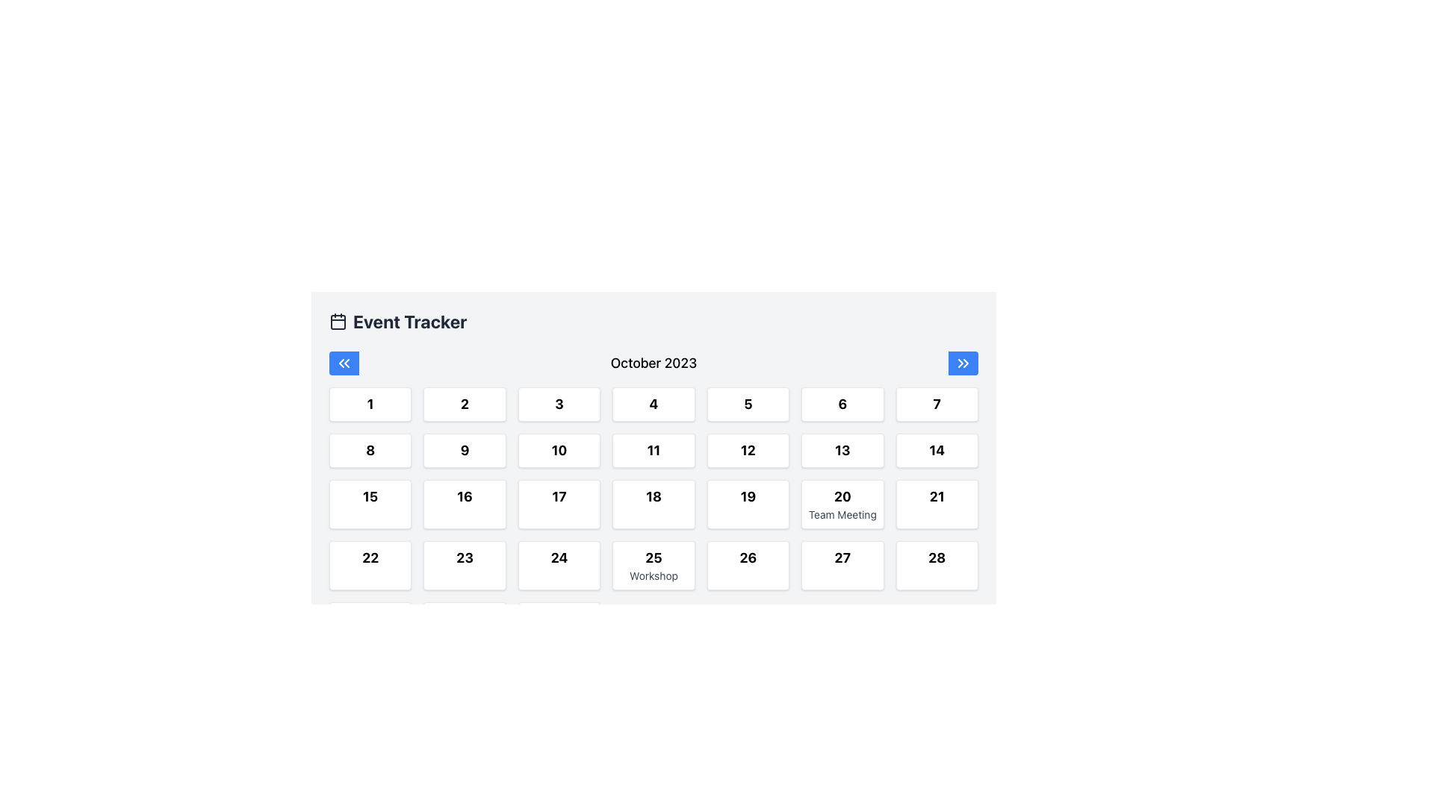 Image resolution: width=1434 pixels, height=806 pixels. Describe the element at coordinates (464, 404) in the screenshot. I see `the button representing the second day in the calendar view for October 2023, located below the 'Event Tracker' header` at that location.